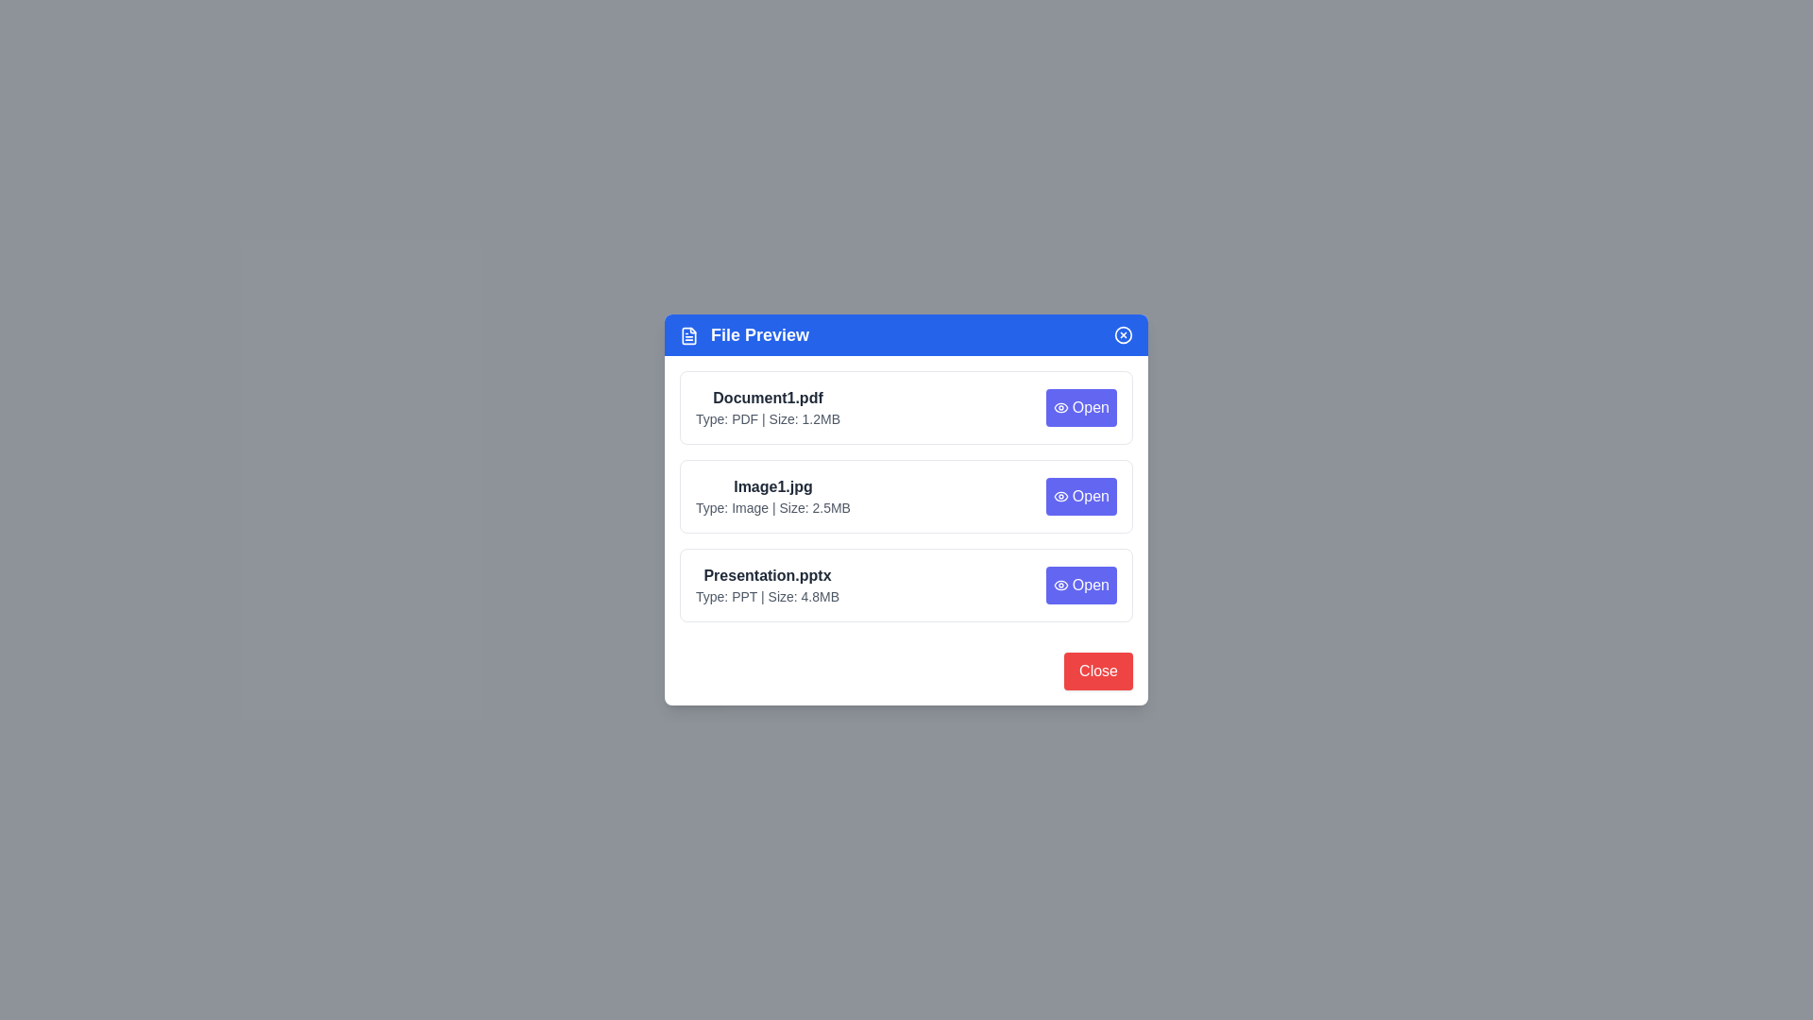  Describe the element at coordinates (1081, 407) in the screenshot. I see `'Open' button for the file Document1.pdf` at that location.